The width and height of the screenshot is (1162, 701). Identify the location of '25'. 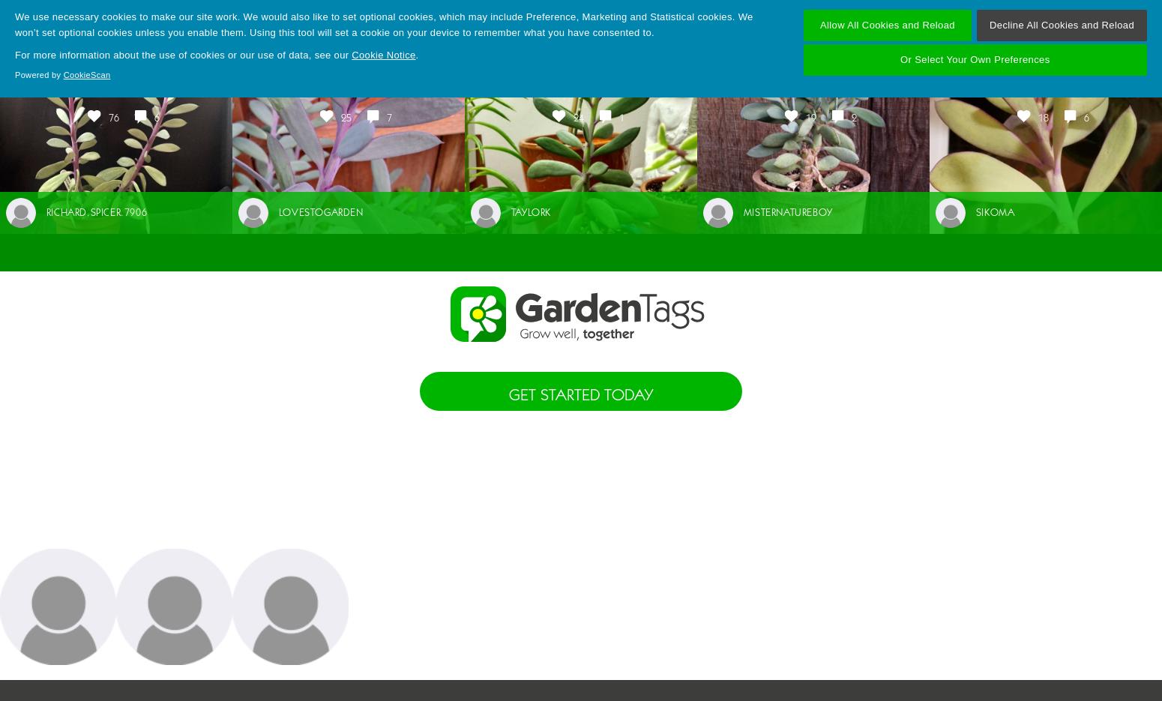
(346, 117).